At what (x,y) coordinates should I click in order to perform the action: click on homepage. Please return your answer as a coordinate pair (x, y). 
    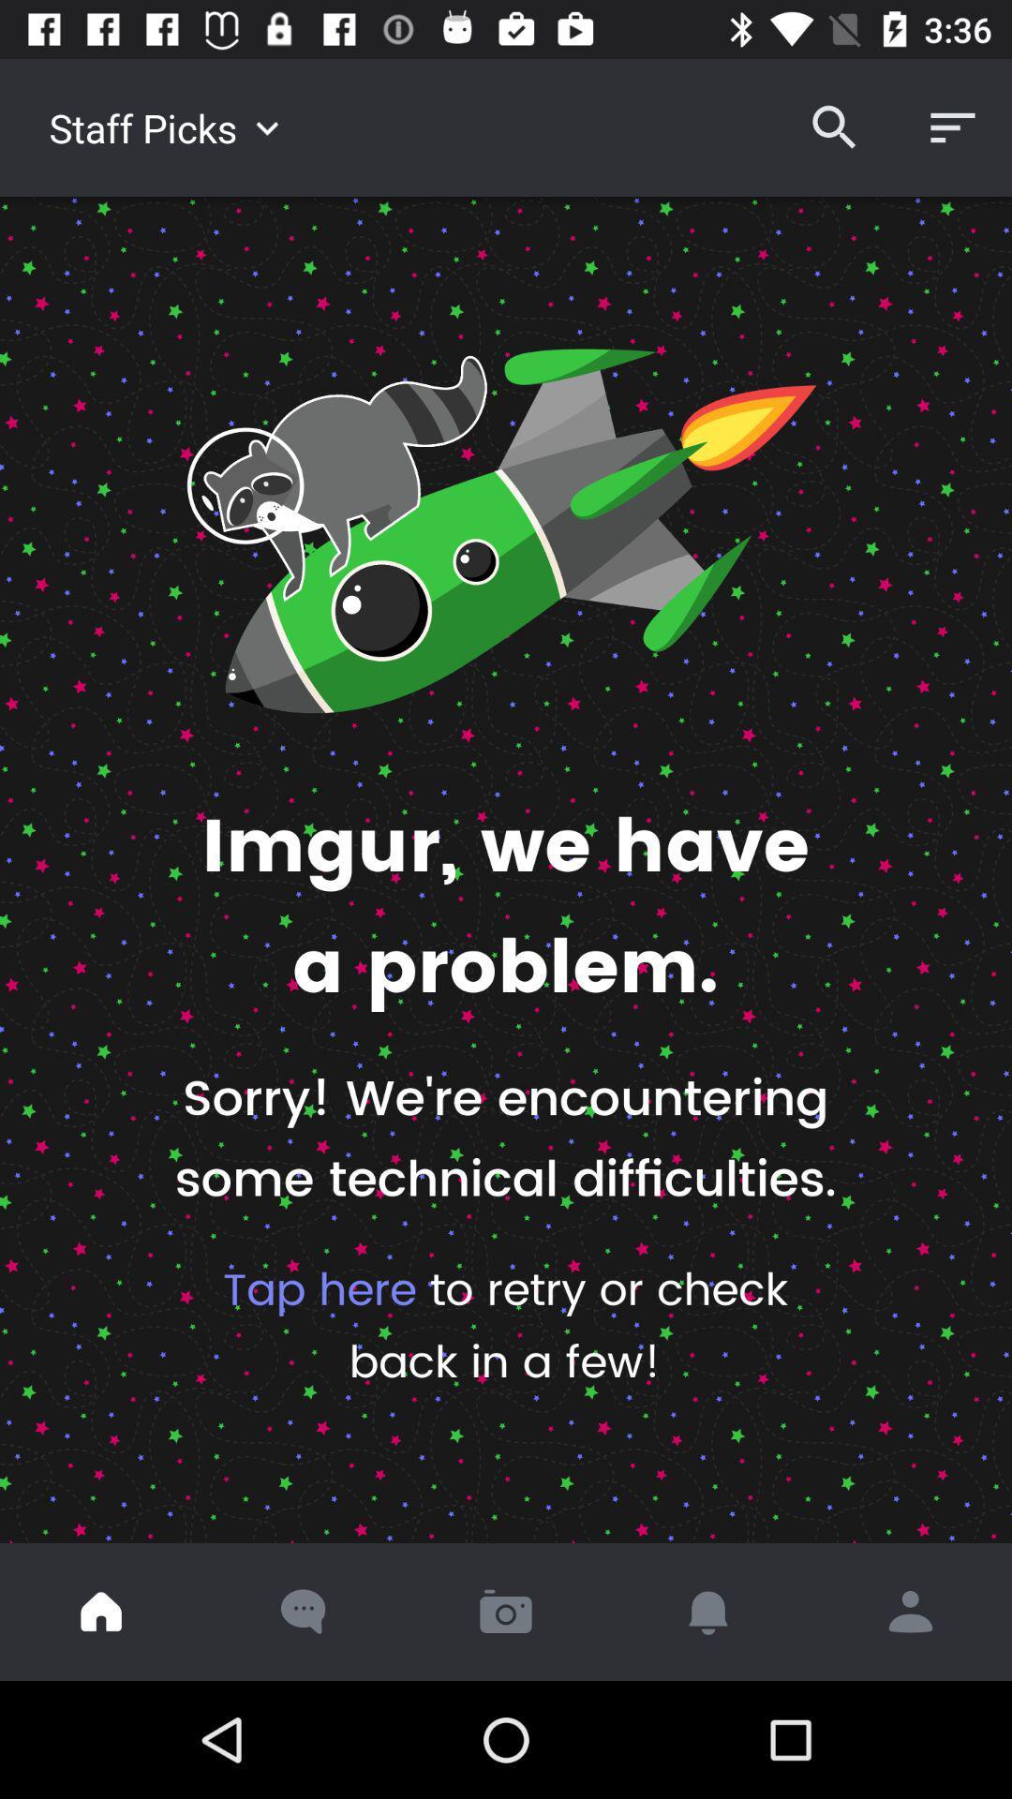
    Looking at the image, I should click on (101, 1611).